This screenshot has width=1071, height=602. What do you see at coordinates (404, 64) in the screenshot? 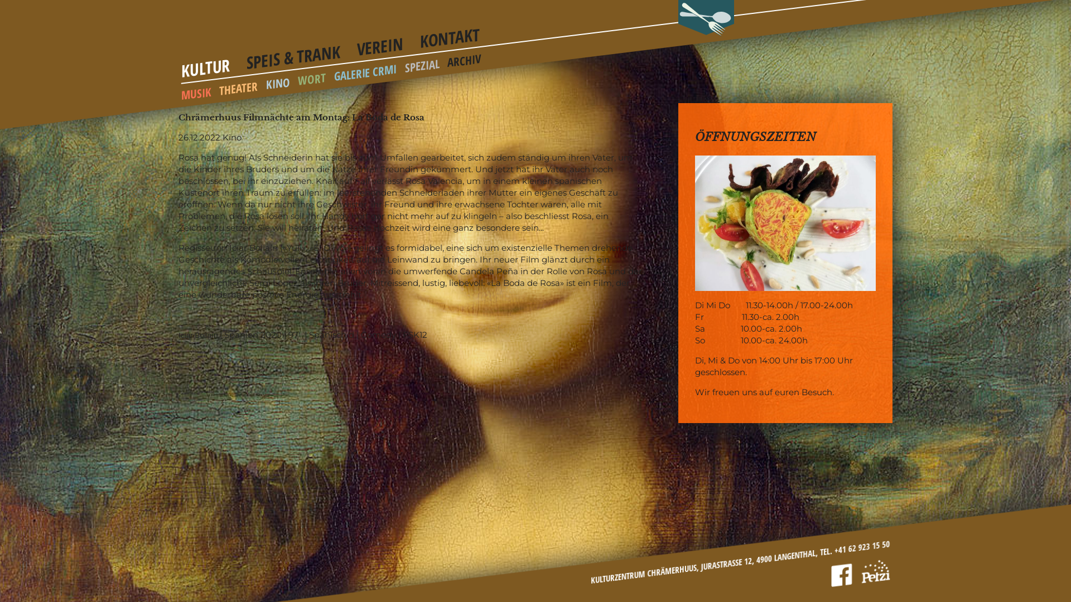
I see `'SPEZIAL'` at bounding box center [404, 64].